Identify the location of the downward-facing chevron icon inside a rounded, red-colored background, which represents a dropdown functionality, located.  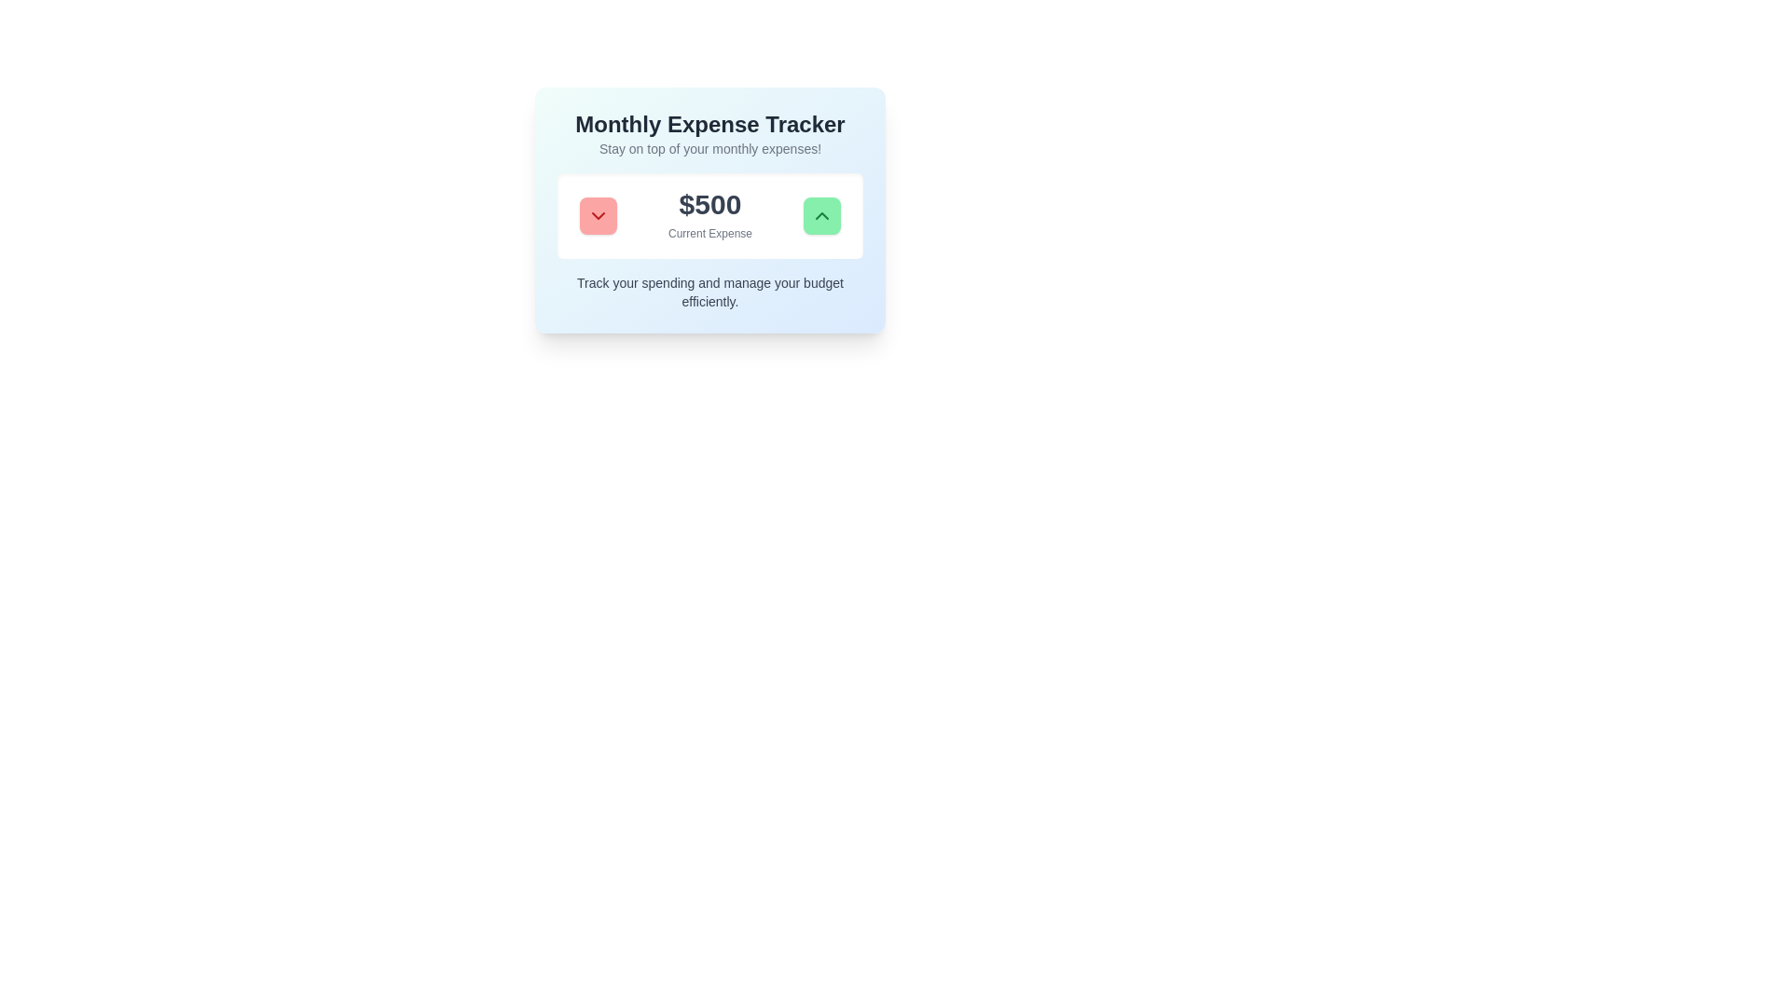
(599, 214).